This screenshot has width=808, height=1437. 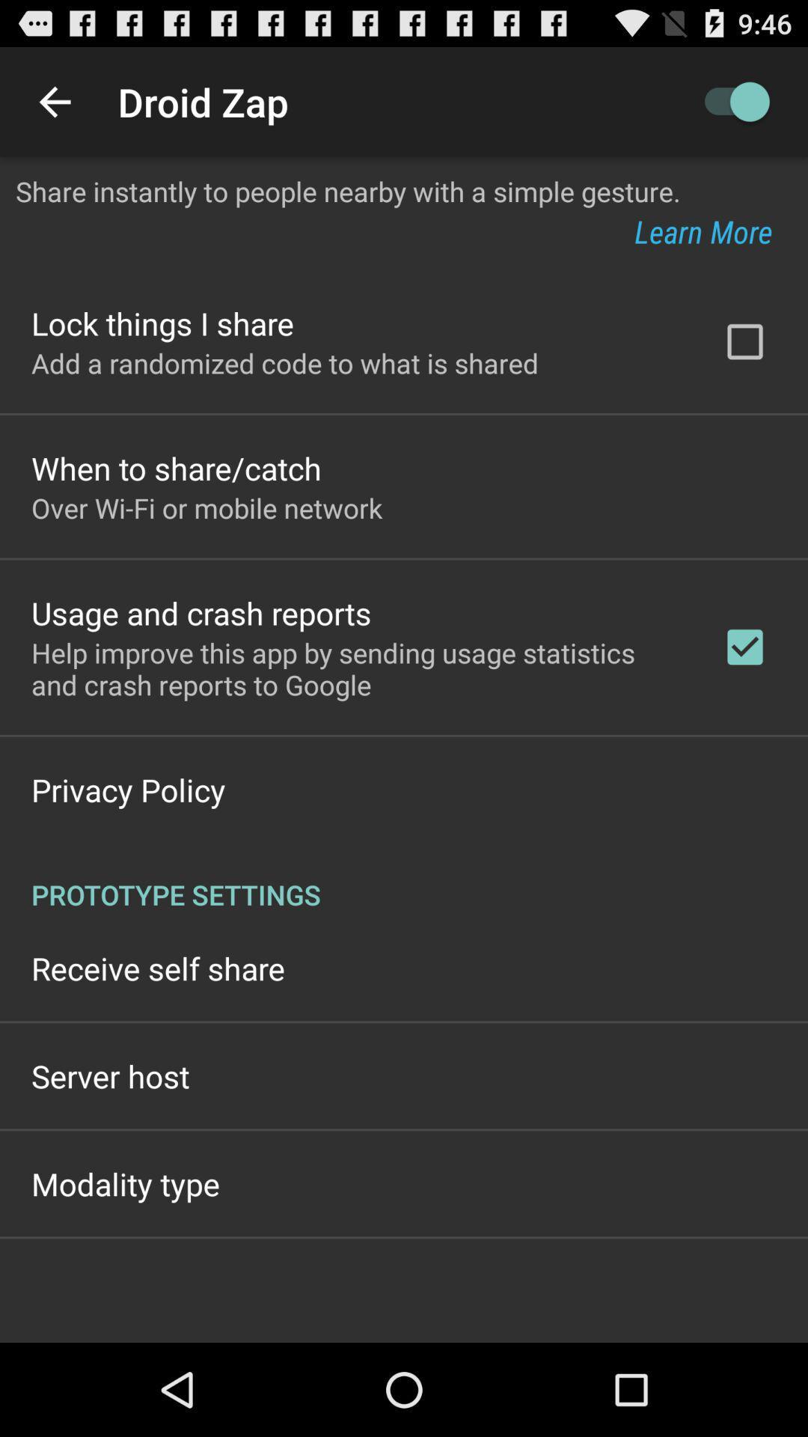 What do you see at coordinates (125, 1183) in the screenshot?
I see `the item below server host item` at bounding box center [125, 1183].